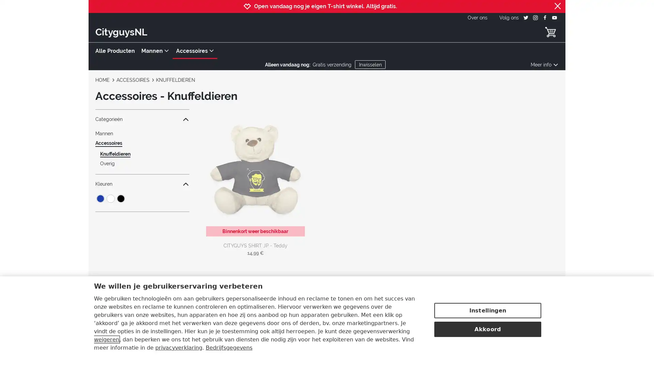  I want to click on Meer info, so click(544, 64).